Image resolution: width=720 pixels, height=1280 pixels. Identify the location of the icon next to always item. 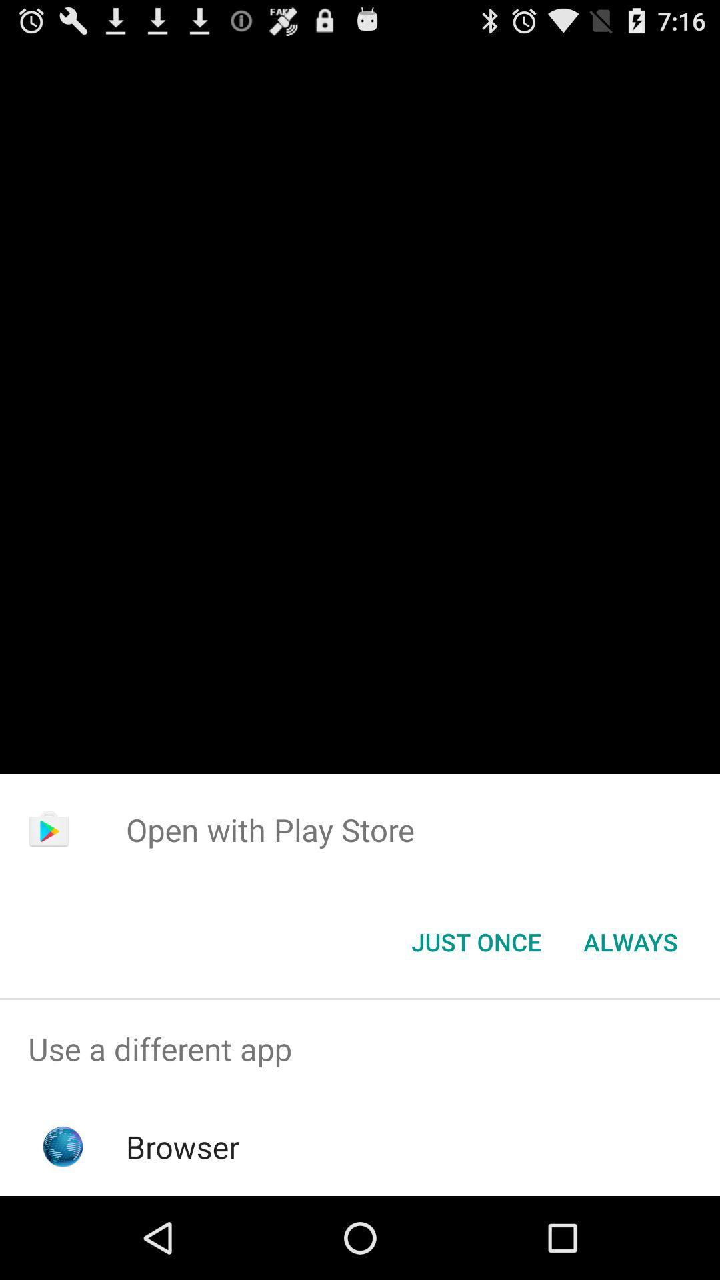
(475, 941).